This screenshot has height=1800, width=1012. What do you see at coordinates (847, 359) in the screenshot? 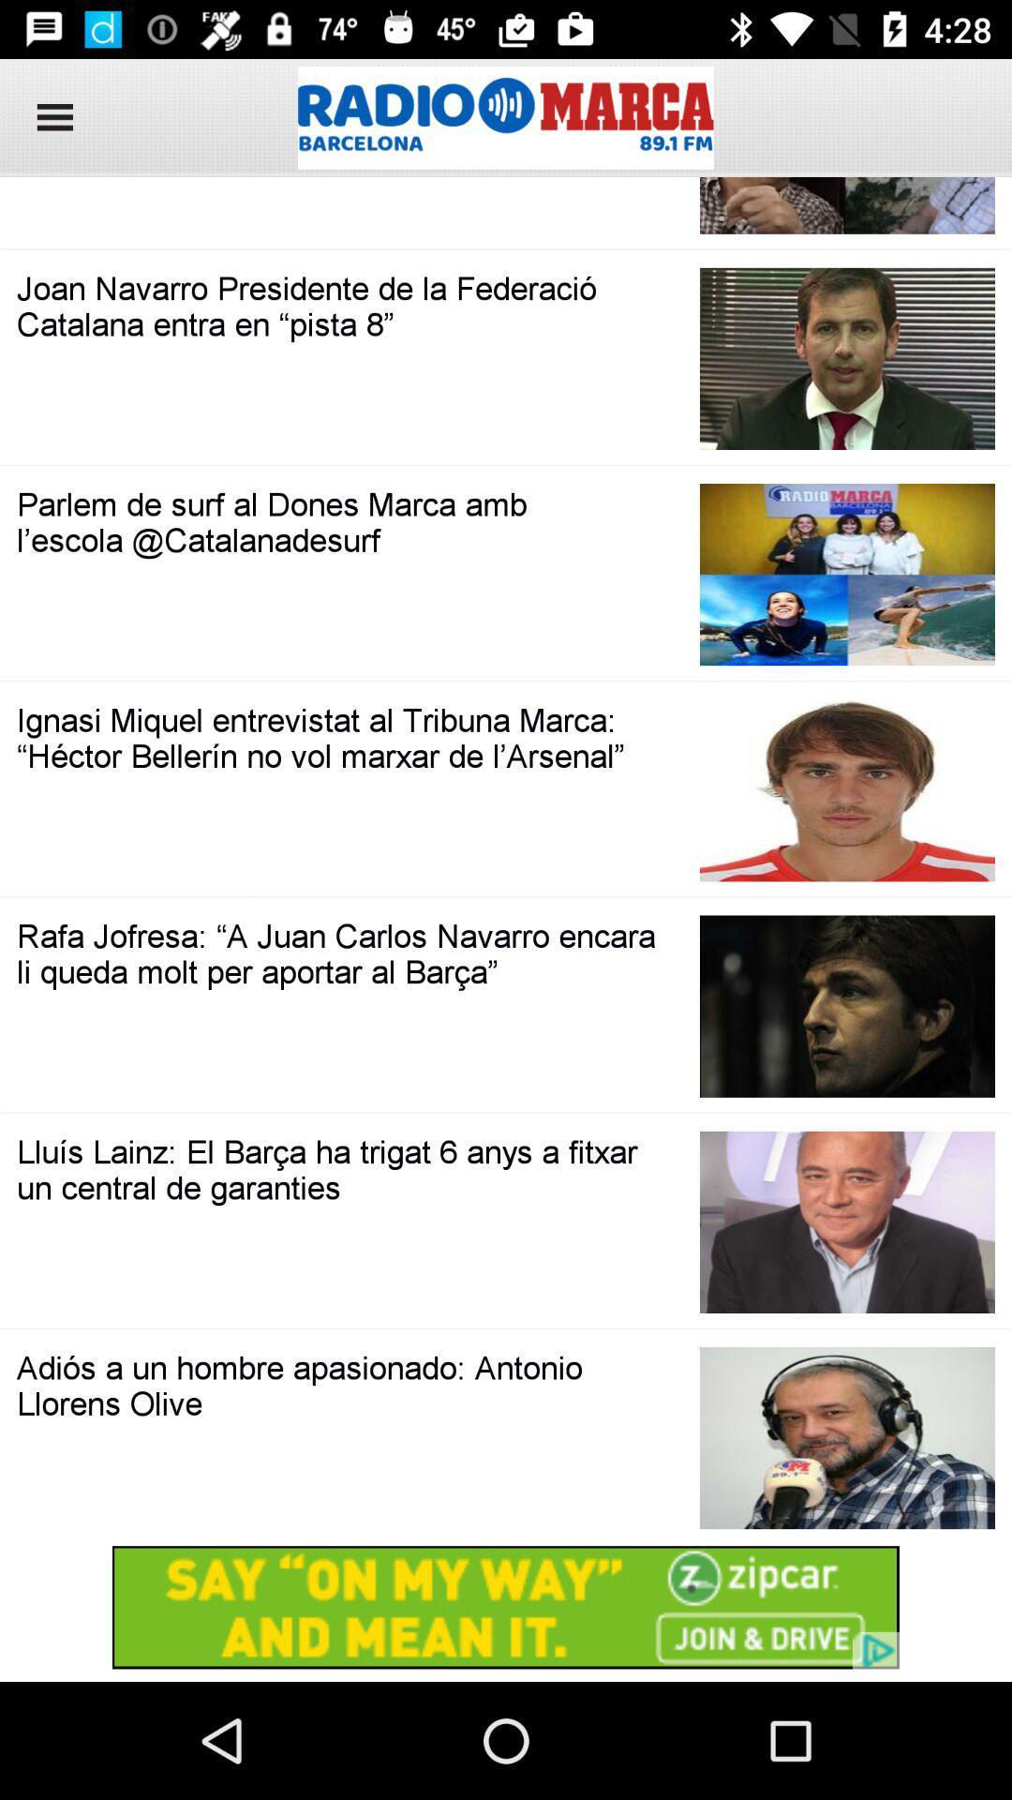
I see `the second image in the row` at bounding box center [847, 359].